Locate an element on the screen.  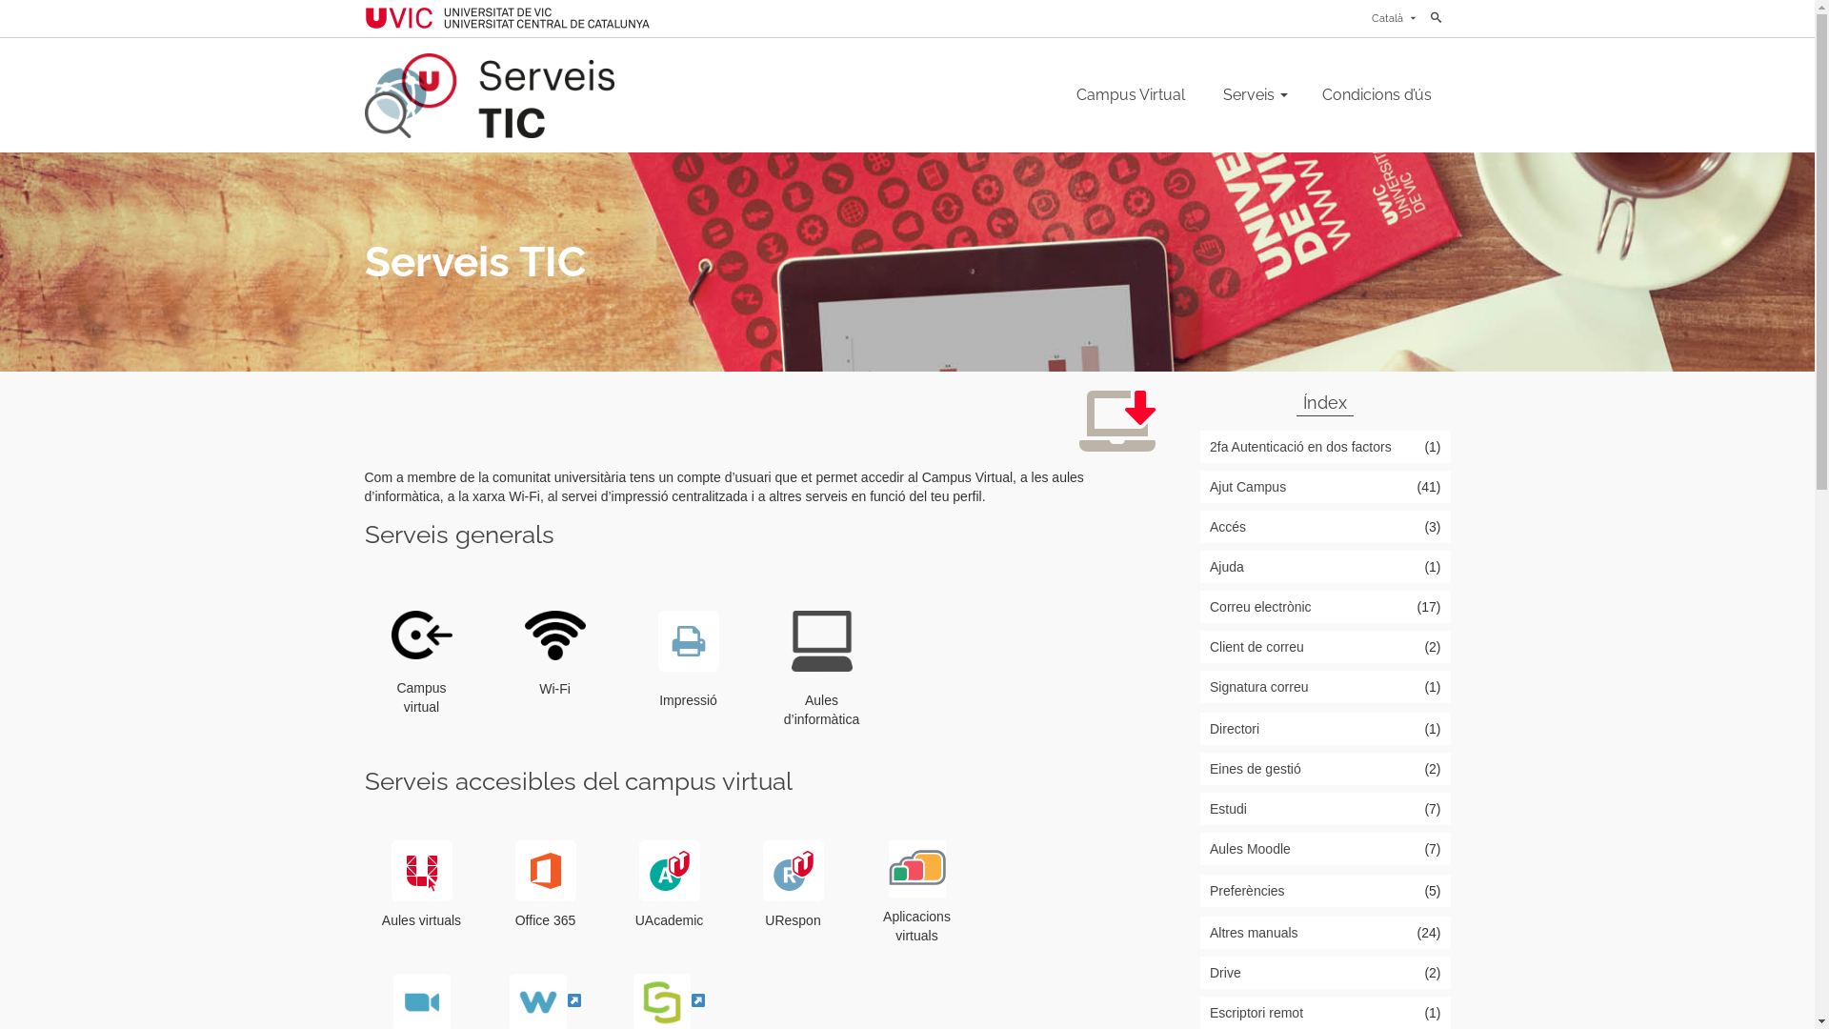
'Aules Moodle' is located at coordinates (1324, 848).